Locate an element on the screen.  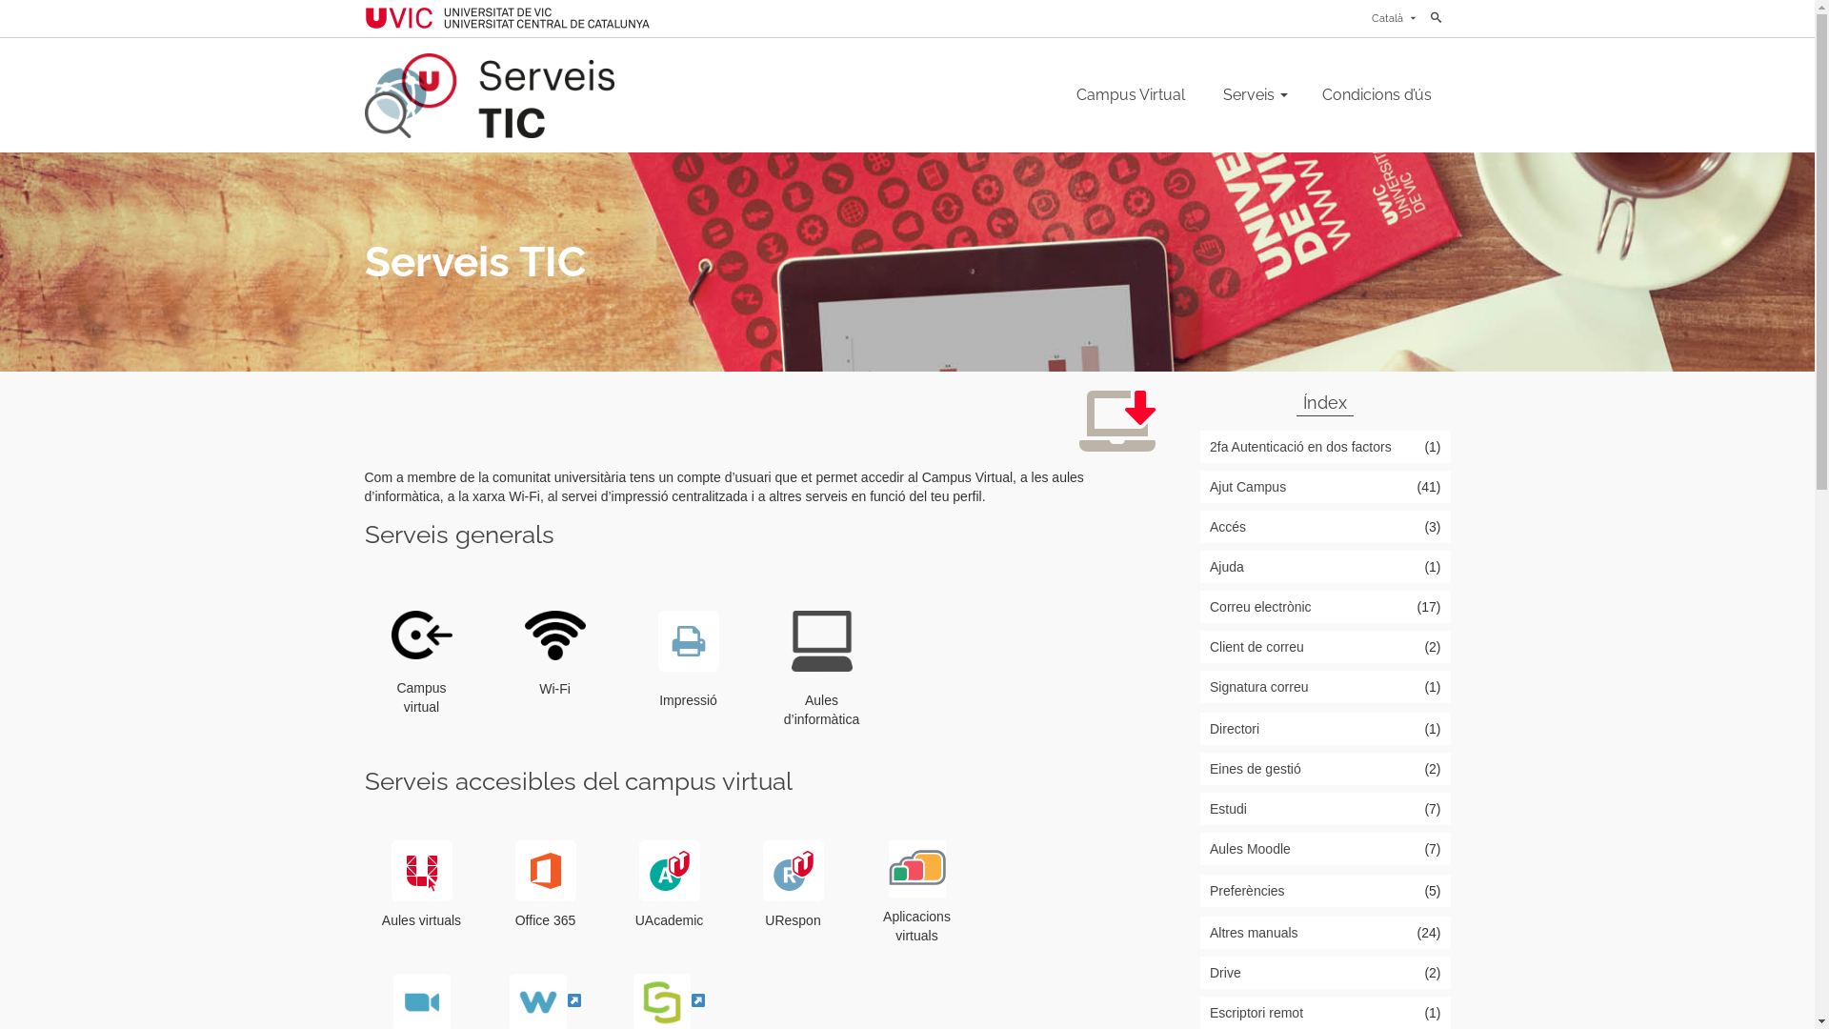
'Aules Moodle' is located at coordinates (1324, 848).